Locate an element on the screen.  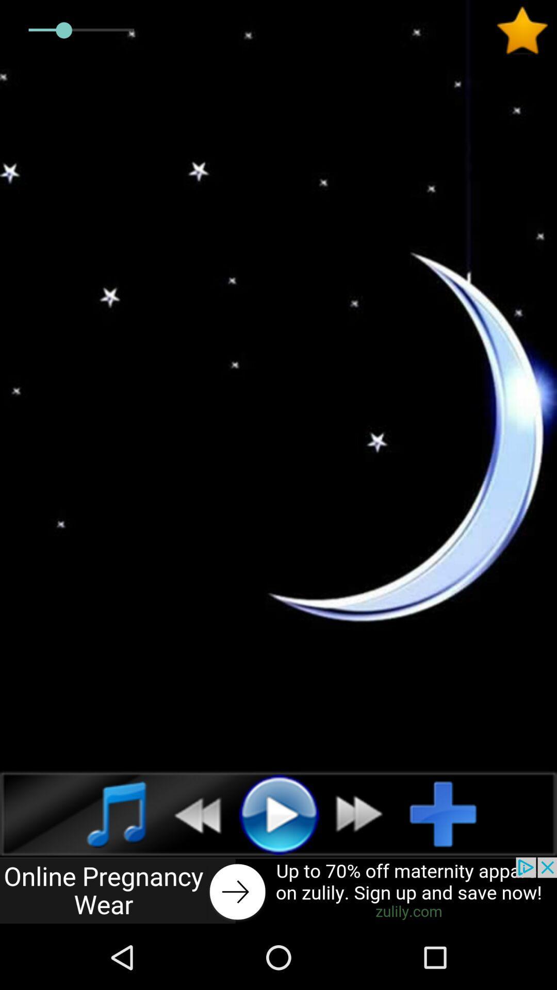
the play icon is located at coordinates (278, 813).